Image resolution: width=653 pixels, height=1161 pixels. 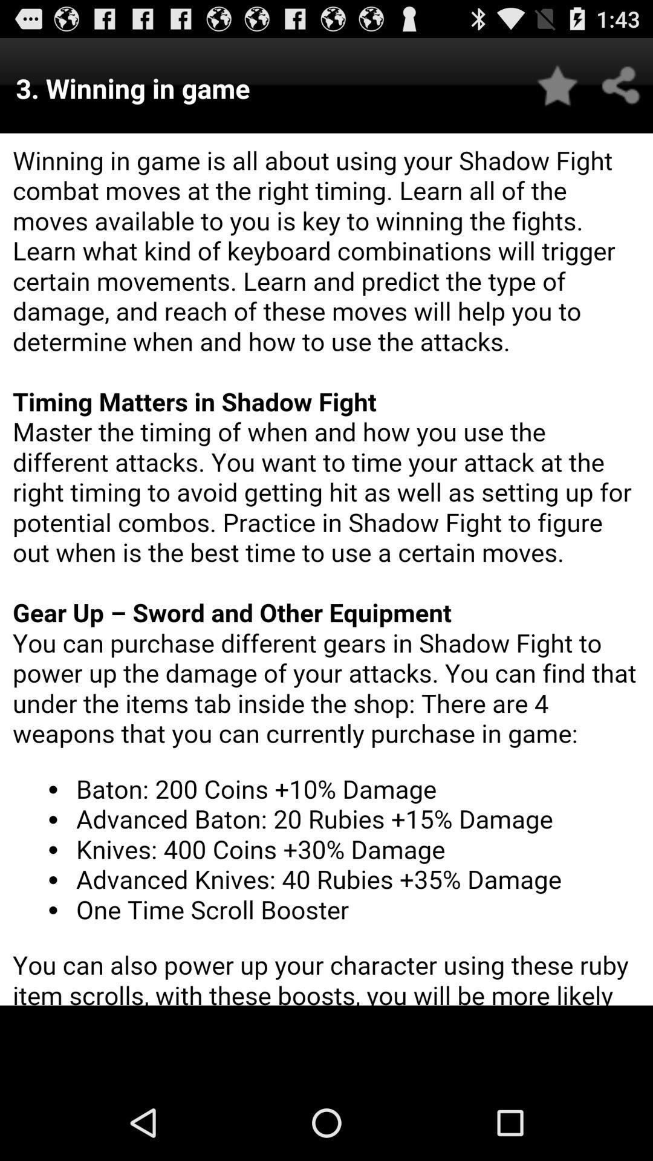 What do you see at coordinates (621, 85) in the screenshot?
I see `share button` at bounding box center [621, 85].